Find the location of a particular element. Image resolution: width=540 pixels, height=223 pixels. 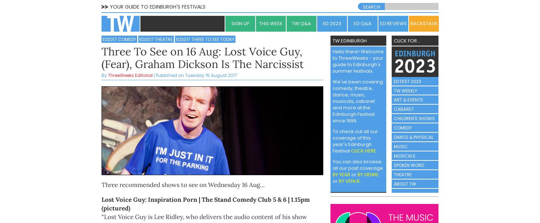

'ED:Q&A' is located at coordinates (353, 23).